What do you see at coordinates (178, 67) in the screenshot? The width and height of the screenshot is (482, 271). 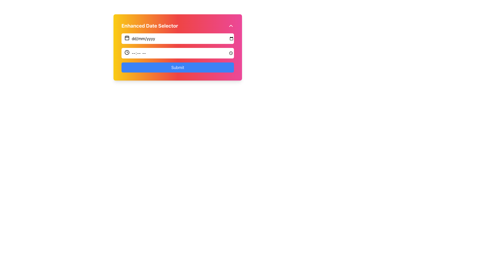 I see `the submit button located near the center of the colorful interface` at bounding box center [178, 67].